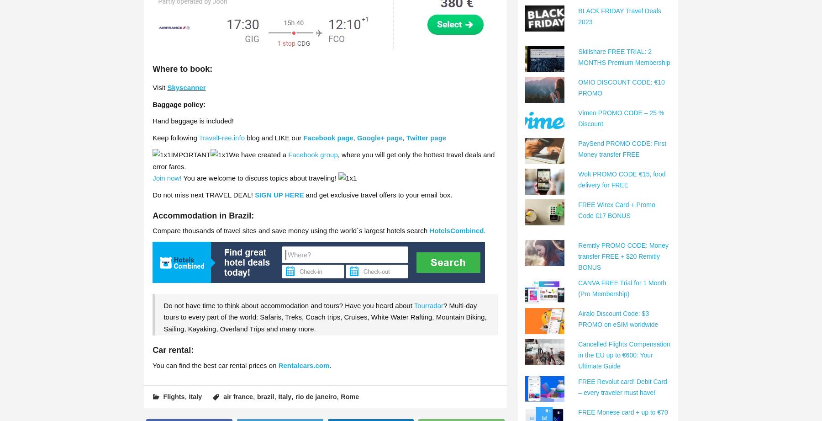 The height and width of the screenshot is (421, 822). Describe the element at coordinates (303, 364) in the screenshot. I see `'Rentalcars.com'` at that location.